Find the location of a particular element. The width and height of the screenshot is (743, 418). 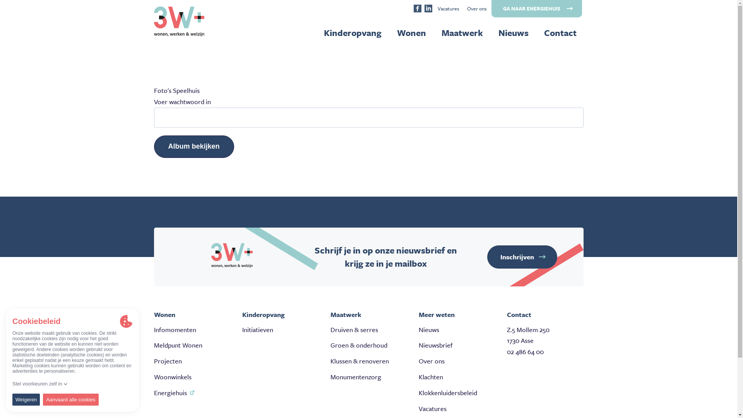

'GA NAAR ENERGIEHUIS' is located at coordinates (491, 9).